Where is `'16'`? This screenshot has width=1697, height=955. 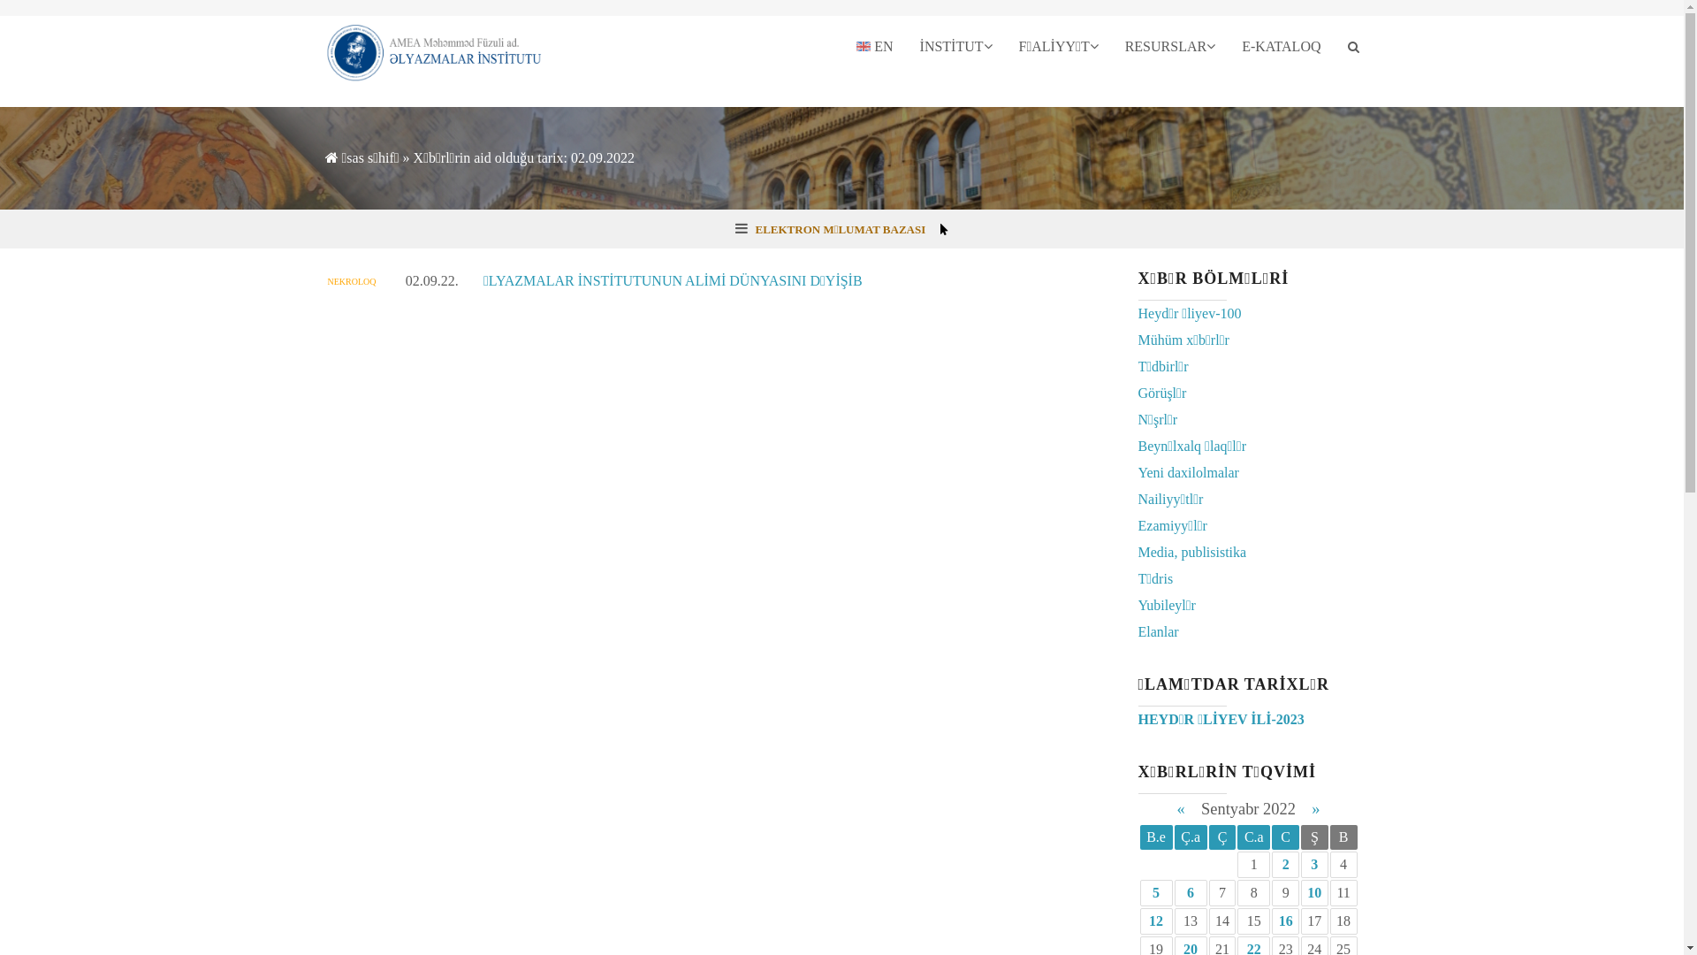
'16' is located at coordinates (1285, 920).